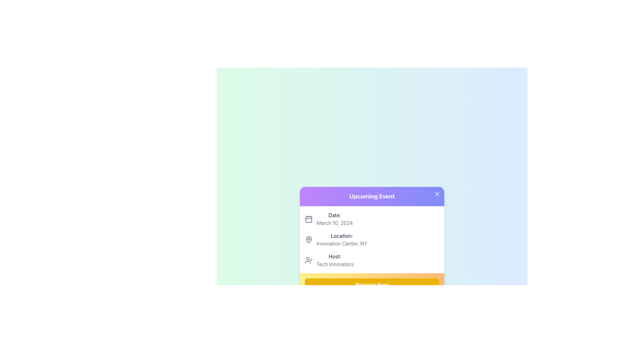 The image size is (619, 348). Describe the element at coordinates (372, 284) in the screenshot. I see `the 'Register Now' button, which is a rectangular button with a gradient background transitioning from yellow to orange and contains centered white bold text. It has rounded corners and a shadow effect, located at the bottom of the 'Upcoming Event' section` at that location.